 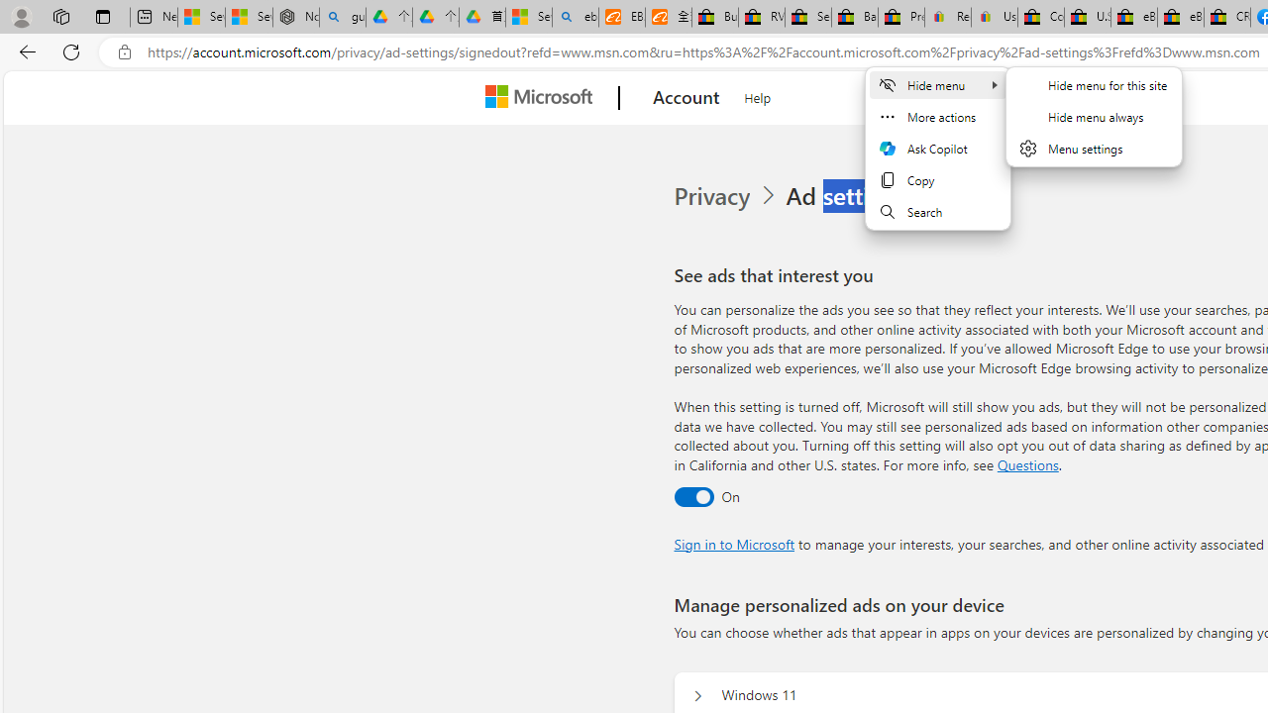 I want to click on 'Go to Questions section', so click(x=1027, y=464).